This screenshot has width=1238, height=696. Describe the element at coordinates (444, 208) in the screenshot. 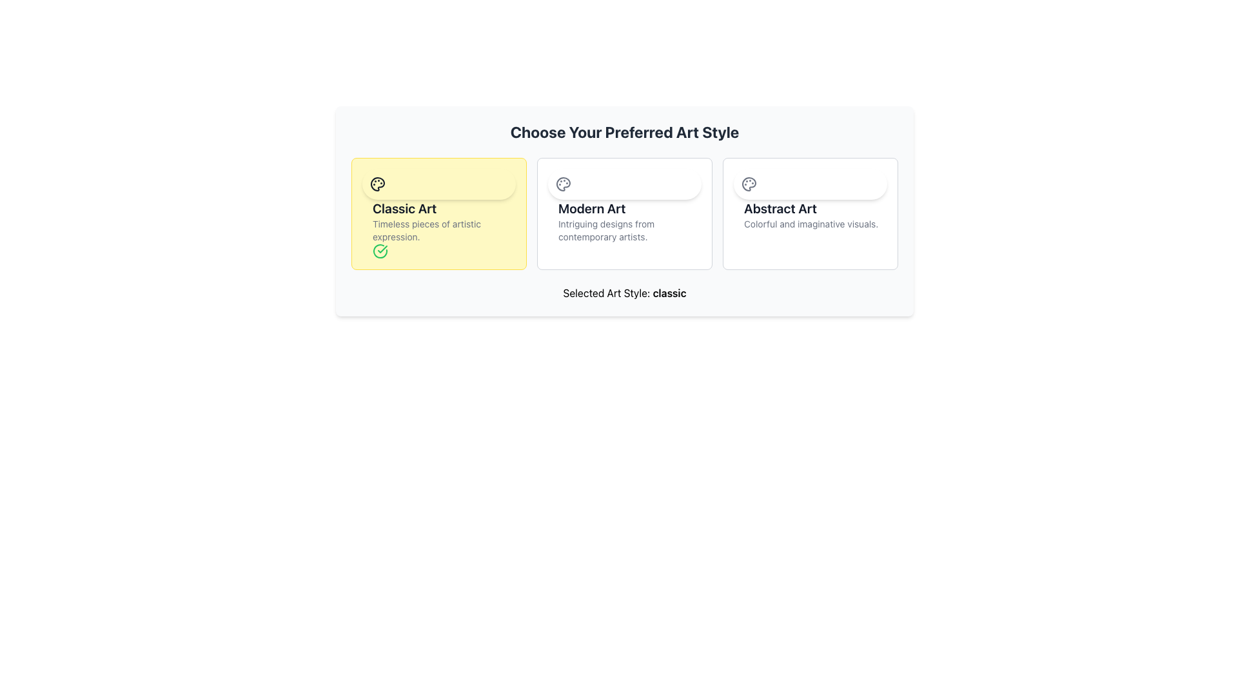

I see `text content of the 'Classic Art' label, which is prominently displayed in bold, large, dark-gray font within a yellow-highlighted section` at that location.